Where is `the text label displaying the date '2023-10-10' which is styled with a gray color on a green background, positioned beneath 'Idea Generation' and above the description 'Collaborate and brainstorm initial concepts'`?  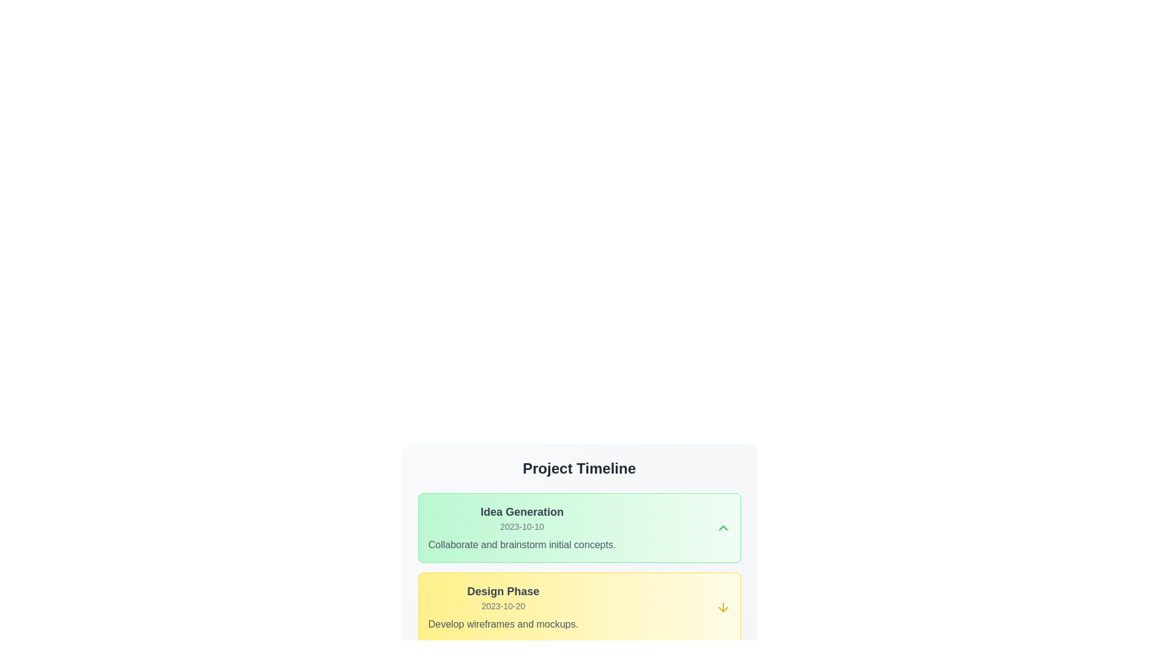 the text label displaying the date '2023-10-10' which is styled with a gray color on a green background, positioned beneath 'Idea Generation' and above the description 'Collaborate and brainstorm initial concepts' is located at coordinates (522, 526).